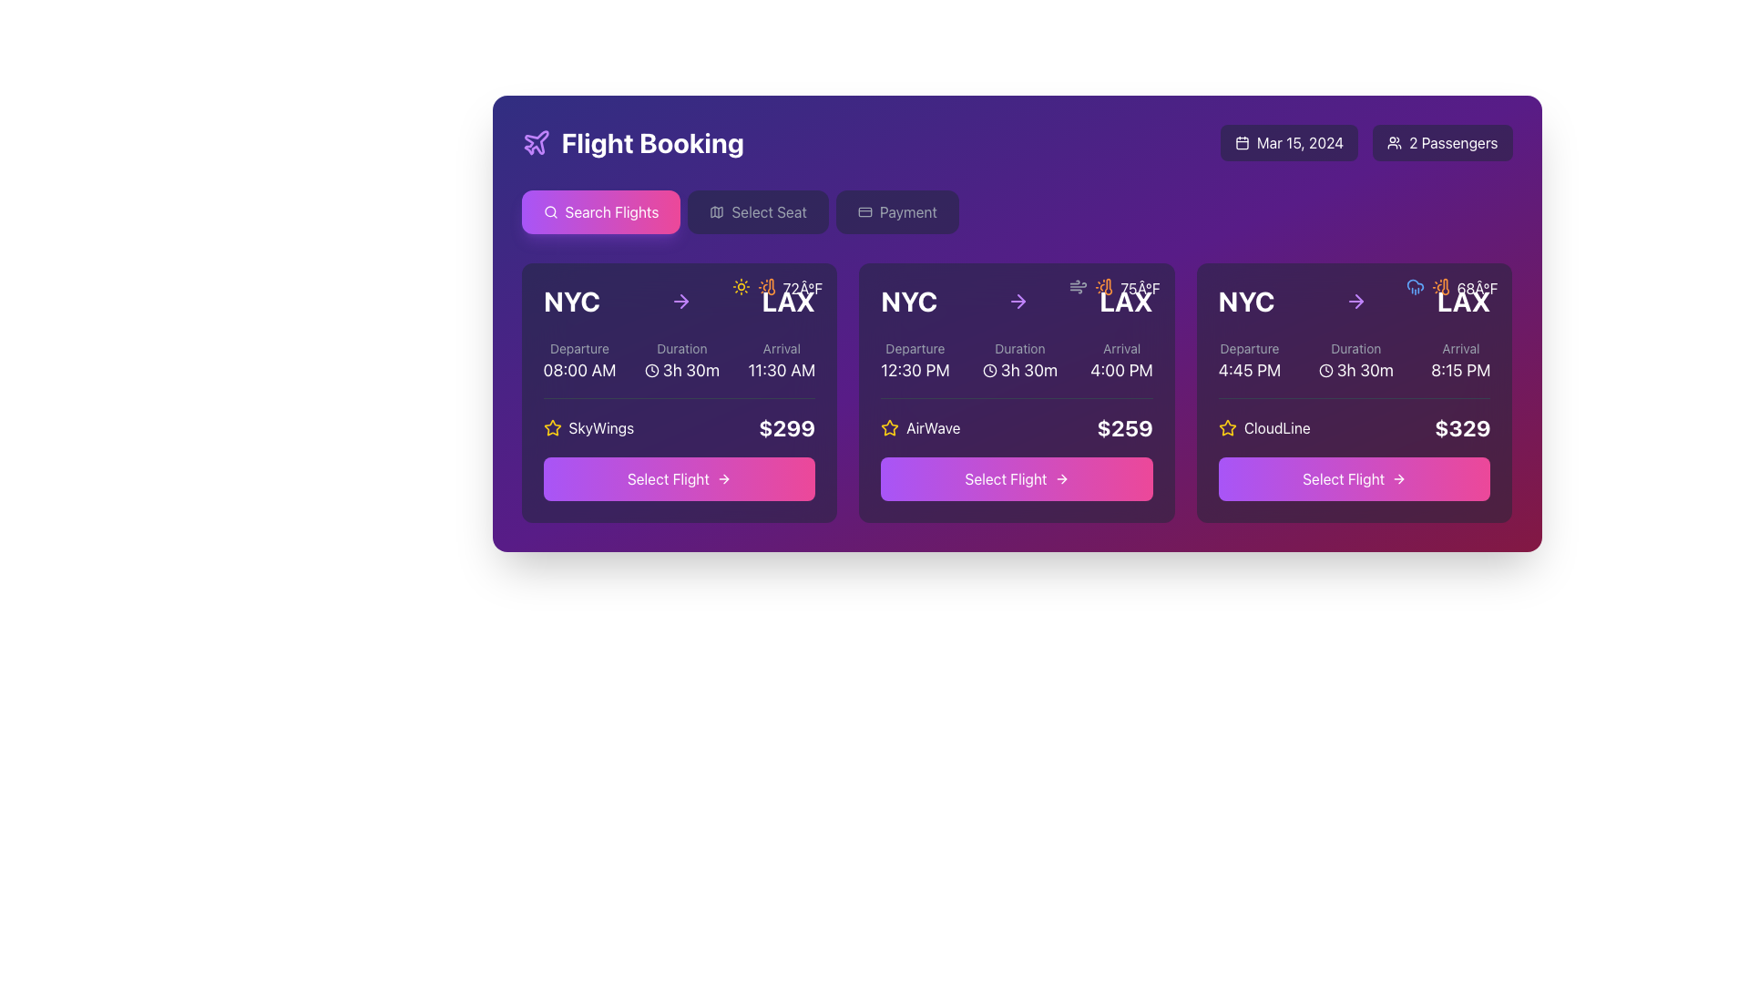 The height and width of the screenshot is (984, 1749). What do you see at coordinates (1018, 348) in the screenshot?
I see `the 'Duration' label displayed in a small, gray font within the second card of the flight options list` at bounding box center [1018, 348].